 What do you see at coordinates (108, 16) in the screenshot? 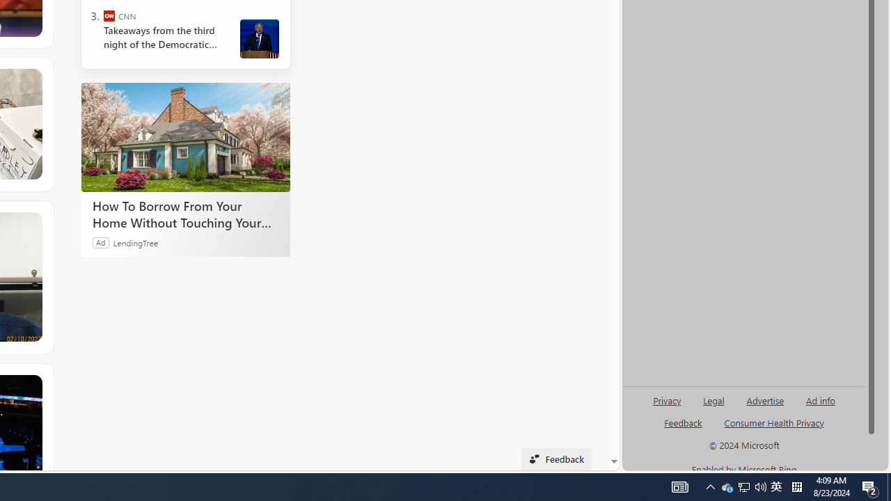
I see `'CNN'` at bounding box center [108, 16].